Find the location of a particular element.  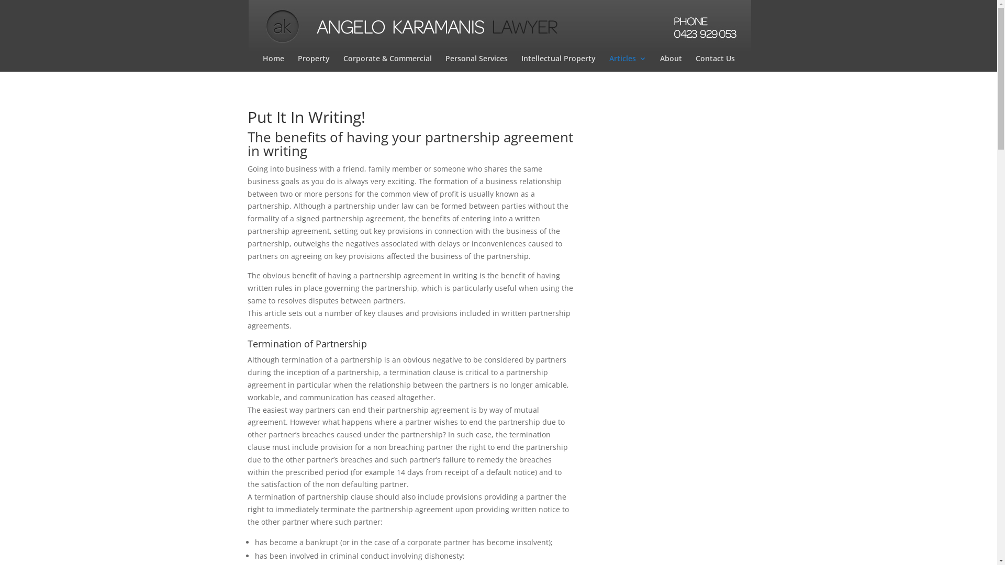

'Articles' is located at coordinates (609, 63).